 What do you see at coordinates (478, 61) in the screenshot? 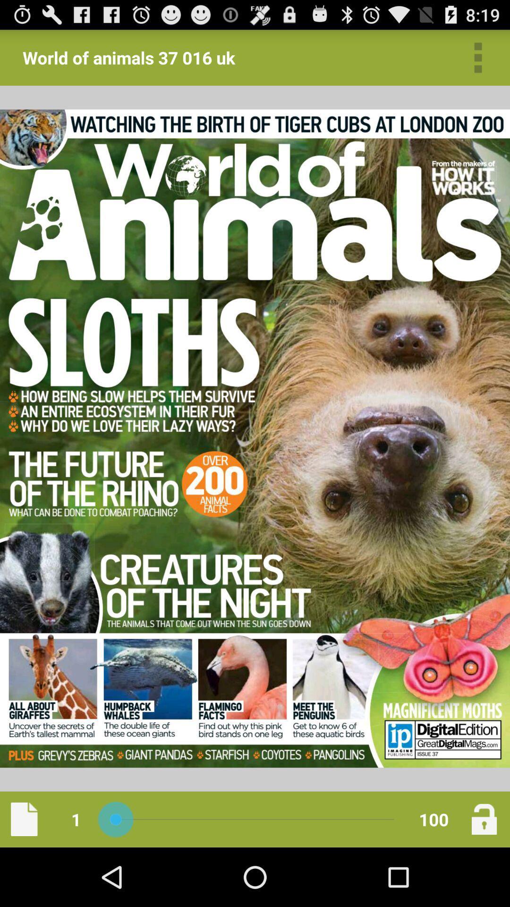
I see `the more icon` at bounding box center [478, 61].